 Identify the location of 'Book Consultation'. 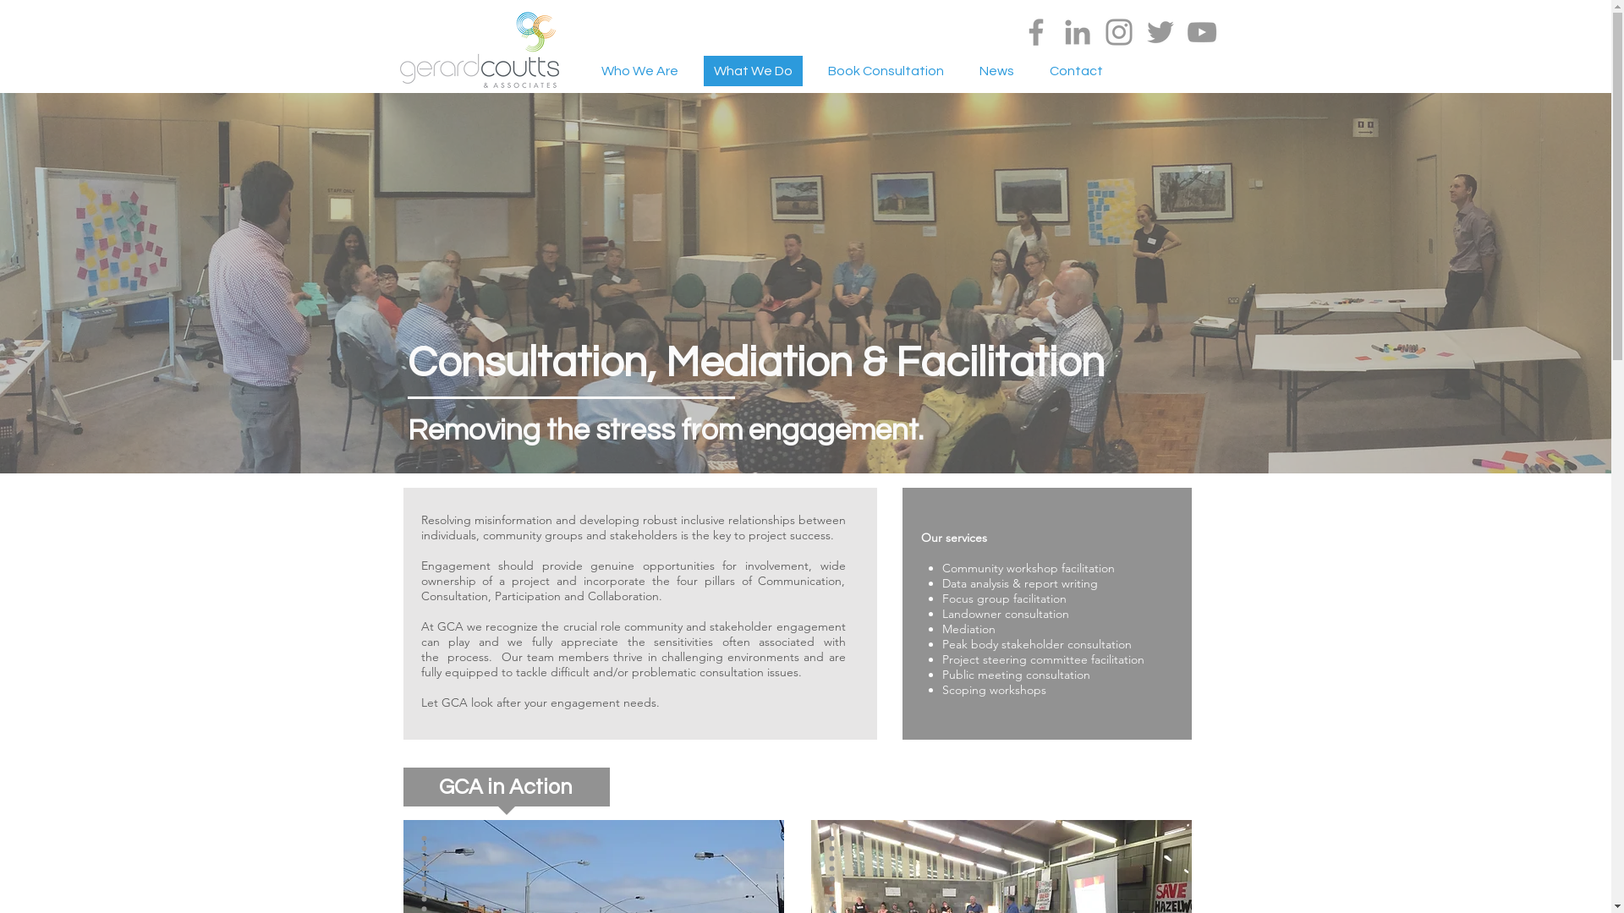
(816, 70).